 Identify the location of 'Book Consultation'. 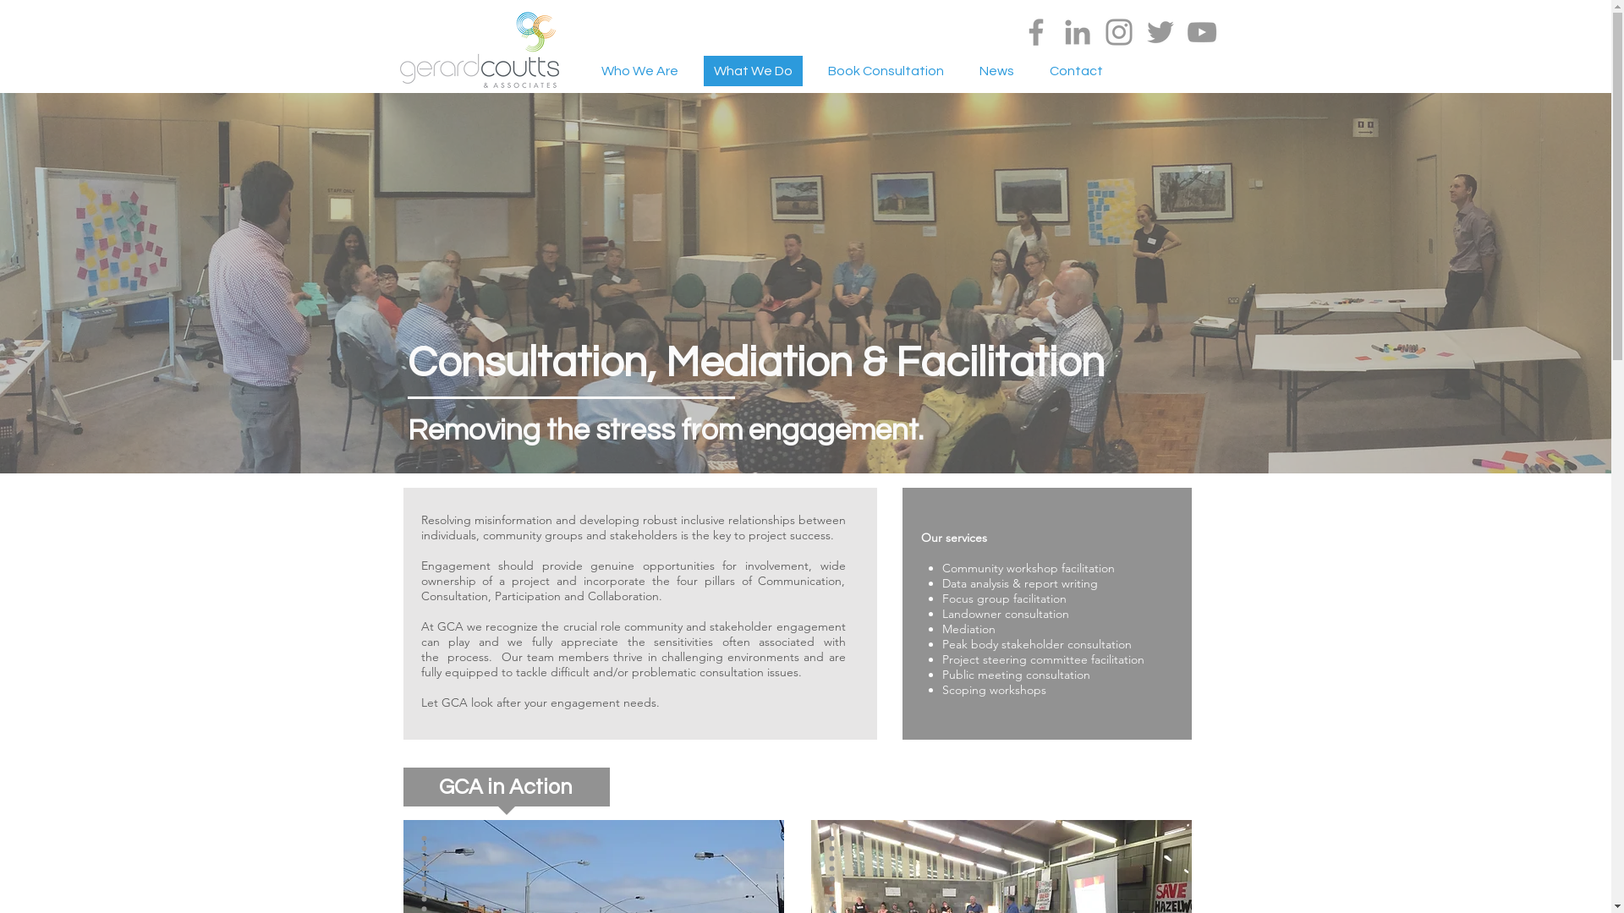
(816, 70).